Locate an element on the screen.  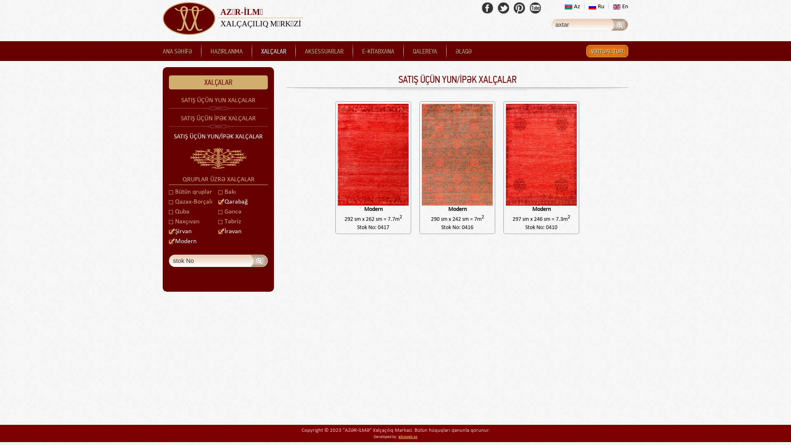
'Az' is located at coordinates (572, 7).